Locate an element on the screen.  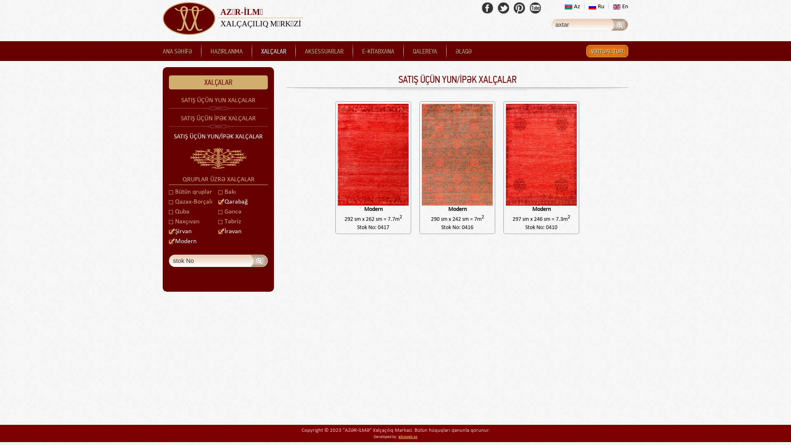
'Az' is located at coordinates (572, 7).